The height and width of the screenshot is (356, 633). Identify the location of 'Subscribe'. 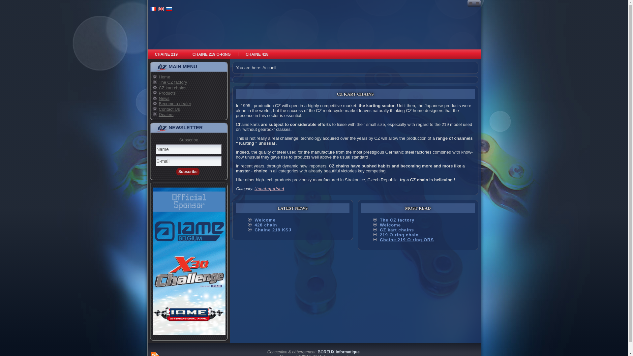
(188, 171).